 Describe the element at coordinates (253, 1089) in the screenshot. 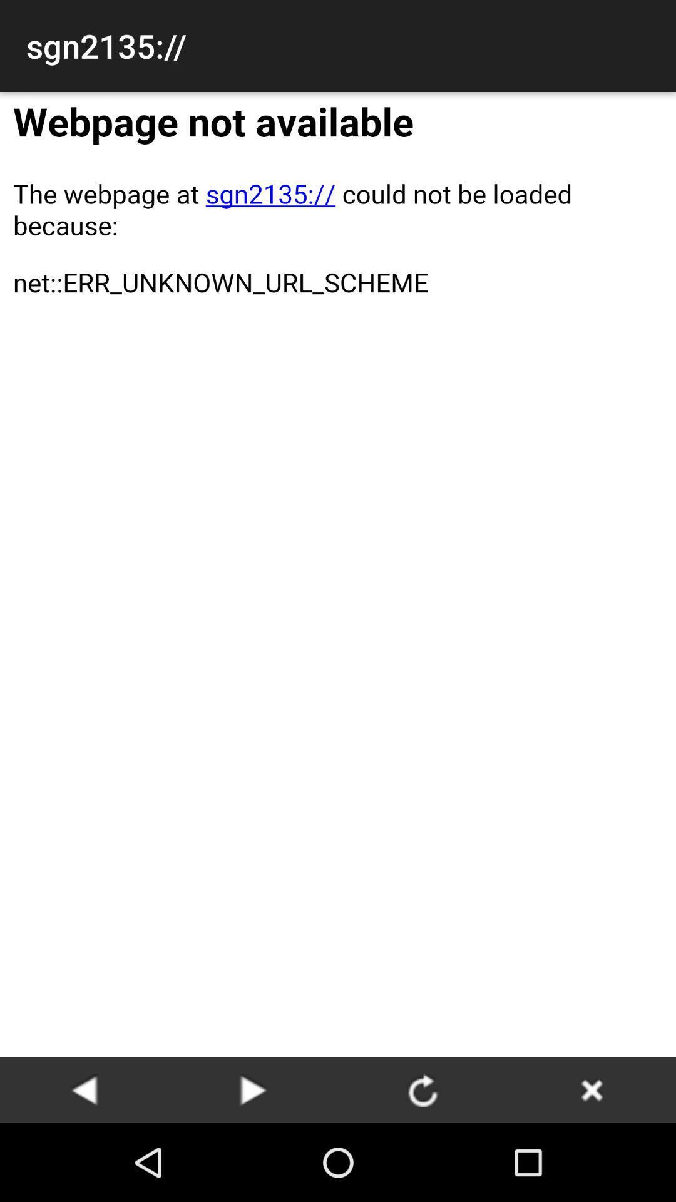

I see `revert` at that location.